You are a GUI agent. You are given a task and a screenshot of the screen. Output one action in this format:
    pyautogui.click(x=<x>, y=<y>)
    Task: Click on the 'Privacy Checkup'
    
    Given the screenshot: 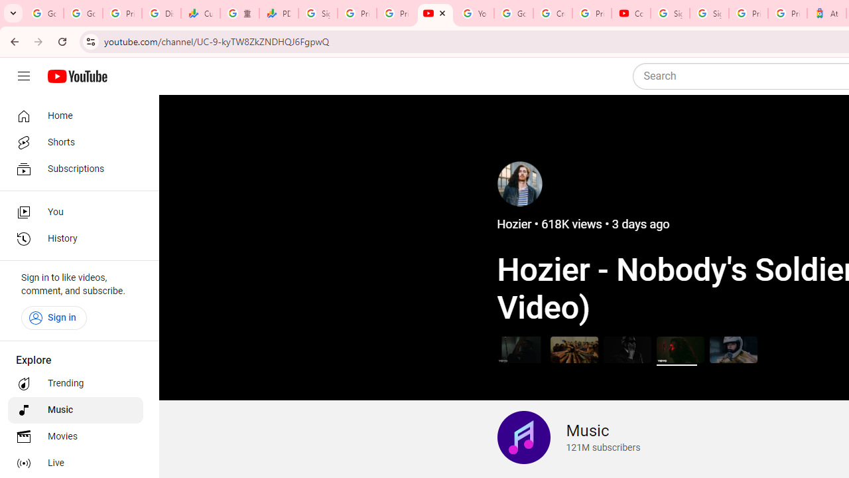 What is the action you would take?
    pyautogui.click(x=395, y=13)
    